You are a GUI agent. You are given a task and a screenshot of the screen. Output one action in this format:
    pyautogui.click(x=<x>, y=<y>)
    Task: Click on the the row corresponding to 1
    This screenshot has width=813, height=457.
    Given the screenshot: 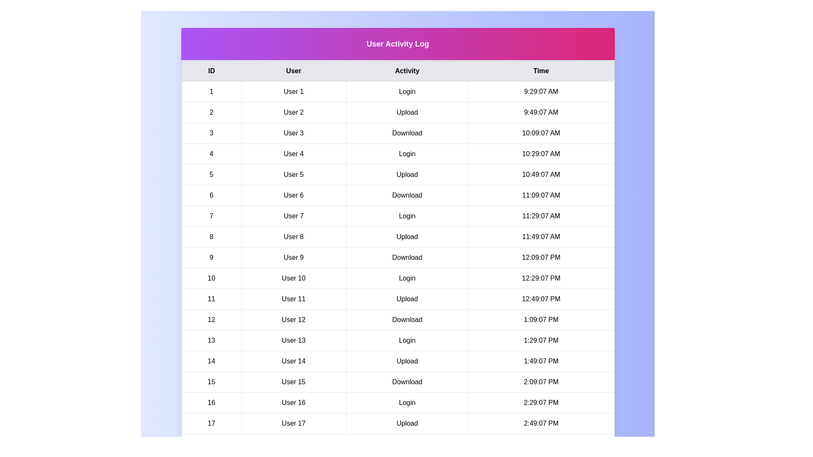 What is the action you would take?
    pyautogui.click(x=397, y=91)
    